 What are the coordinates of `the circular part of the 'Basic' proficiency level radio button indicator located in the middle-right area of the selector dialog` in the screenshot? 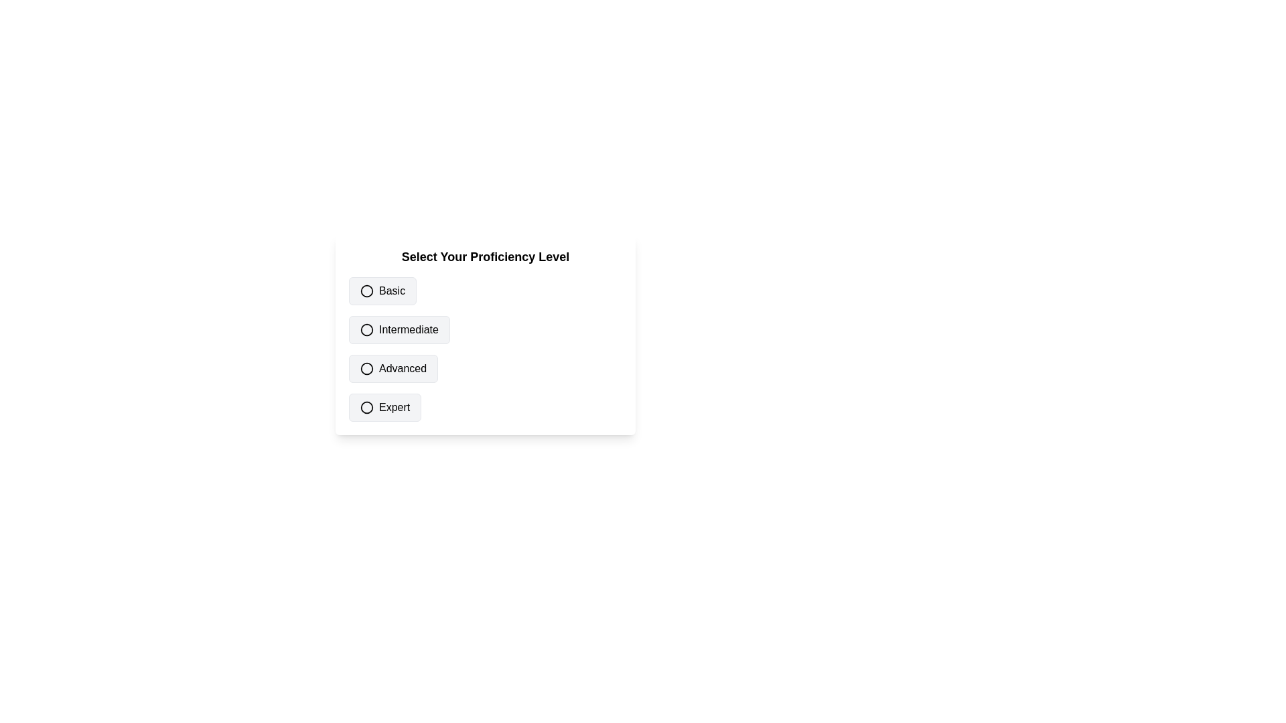 It's located at (366, 291).